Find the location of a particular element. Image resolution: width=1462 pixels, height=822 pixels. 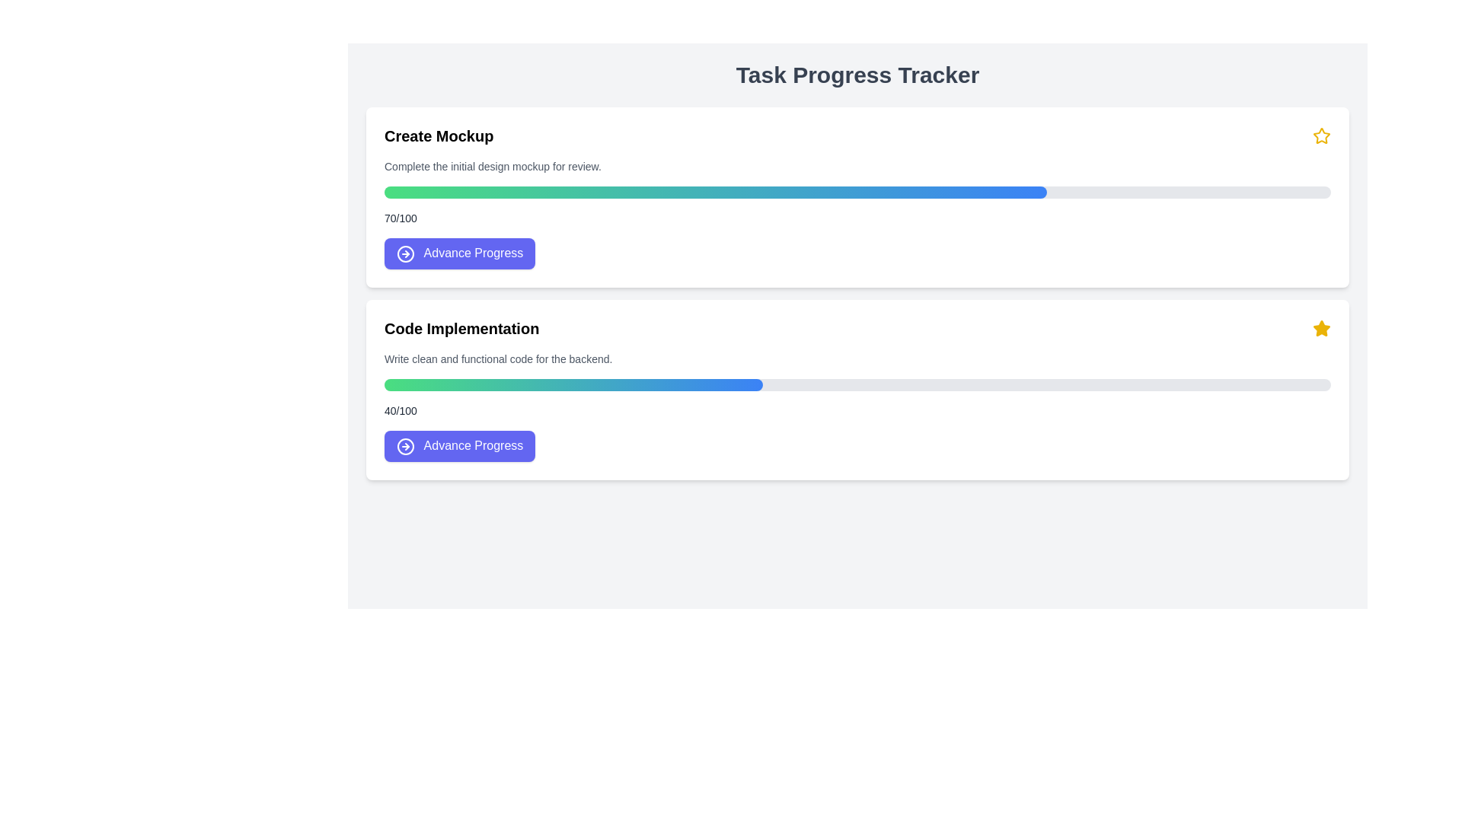

the progress indicator bar located under the 'Code Implementation' section, which features a gradient color scheme transitioning from green to blue, and occupies the leftmost 40% of the bar is located at coordinates (573, 384).